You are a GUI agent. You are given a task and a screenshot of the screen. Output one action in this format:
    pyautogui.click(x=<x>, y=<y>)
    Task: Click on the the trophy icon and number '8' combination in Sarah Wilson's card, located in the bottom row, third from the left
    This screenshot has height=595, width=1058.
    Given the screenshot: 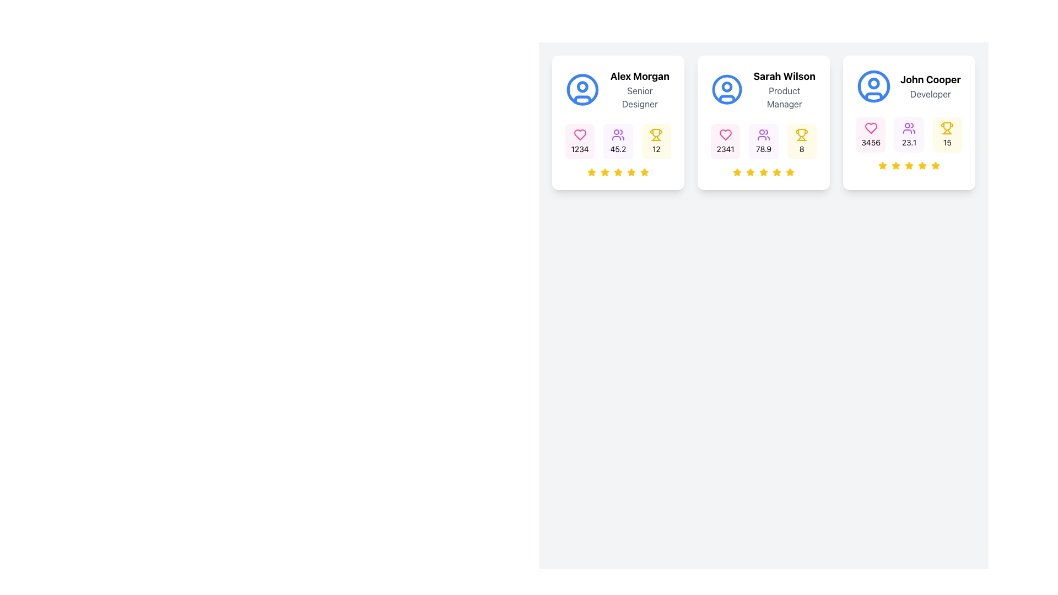 What is the action you would take?
    pyautogui.click(x=802, y=141)
    